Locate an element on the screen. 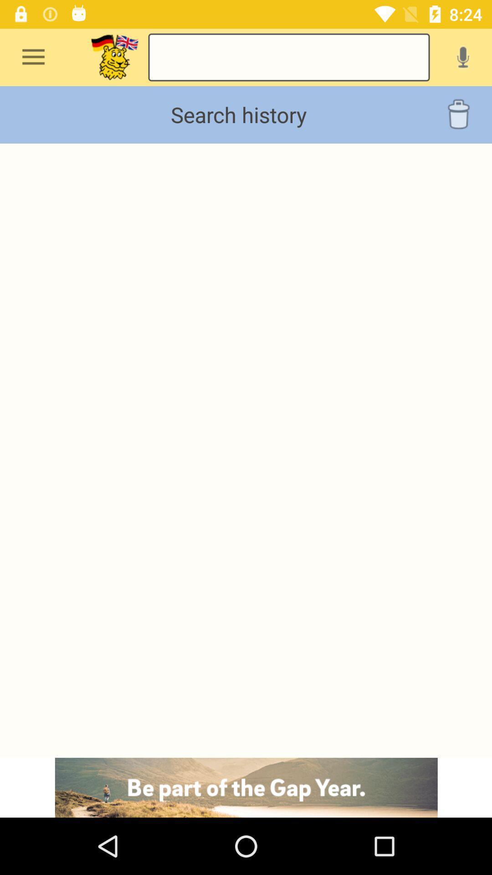  search query is located at coordinates (289, 57).